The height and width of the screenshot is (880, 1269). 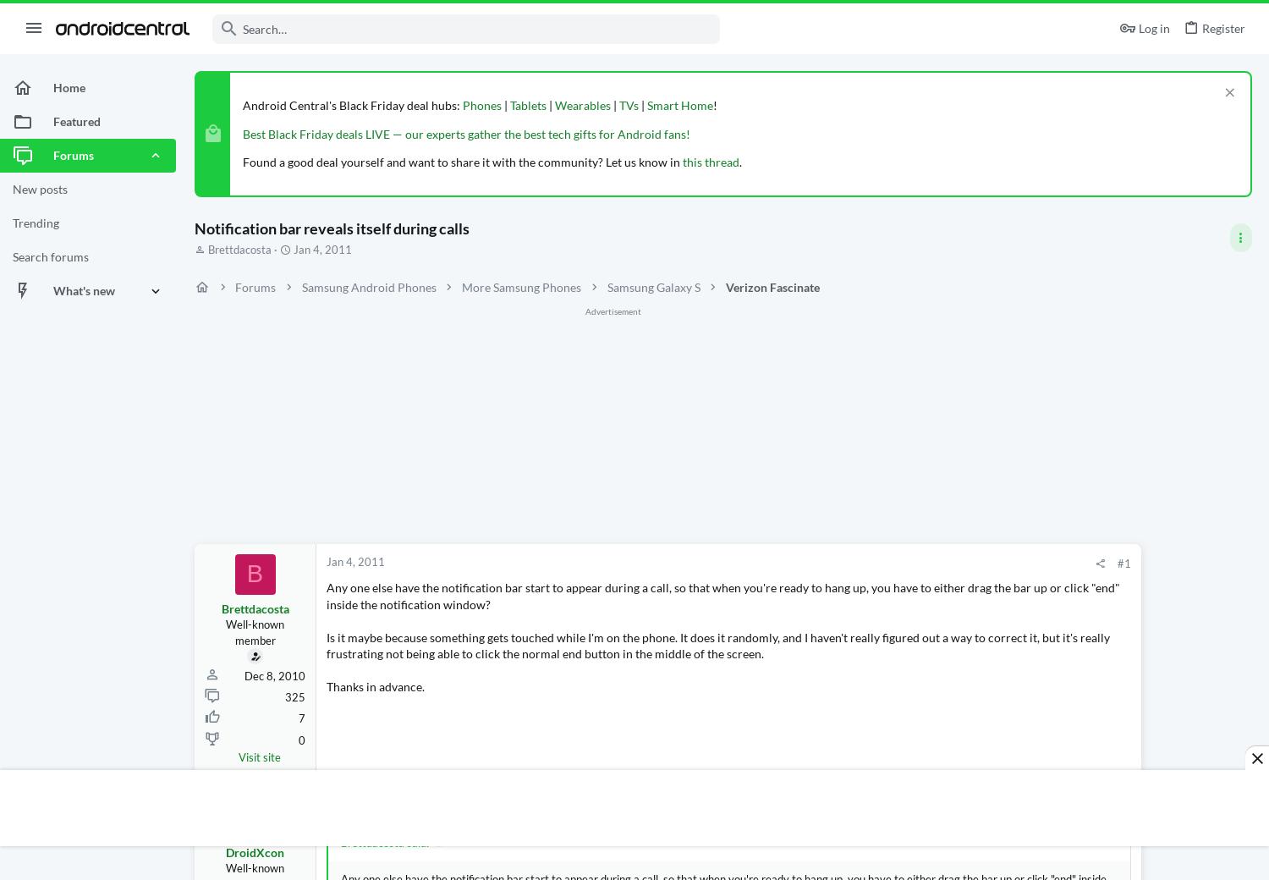 What do you see at coordinates (274, 675) in the screenshot?
I see `'Dec 8, 2010'` at bounding box center [274, 675].